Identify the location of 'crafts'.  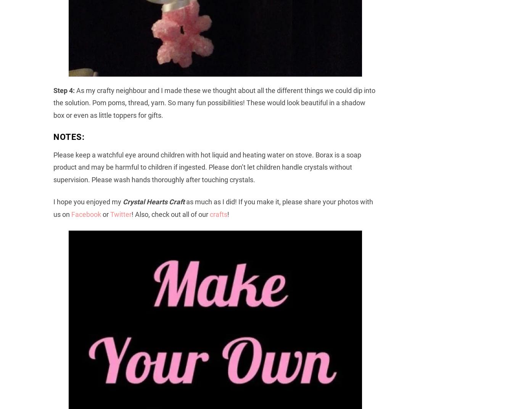
(218, 214).